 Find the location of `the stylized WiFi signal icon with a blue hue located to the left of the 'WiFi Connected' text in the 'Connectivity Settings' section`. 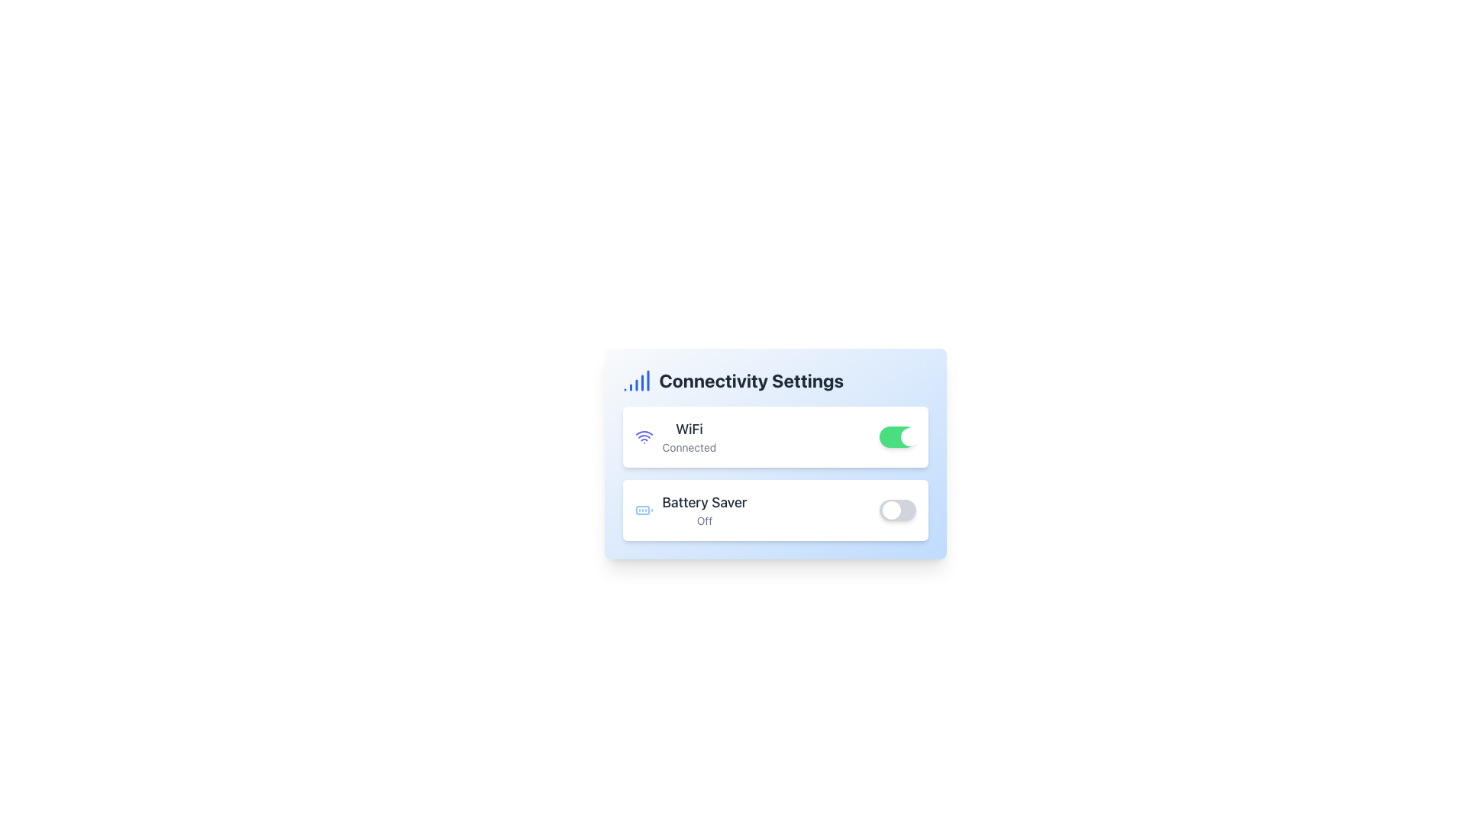

the stylized WiFi signal icon with a blue hue located to the left of the 'WiFi Connected' text in the 'Connectivity Settings' section is located at coordinates (644, 437).